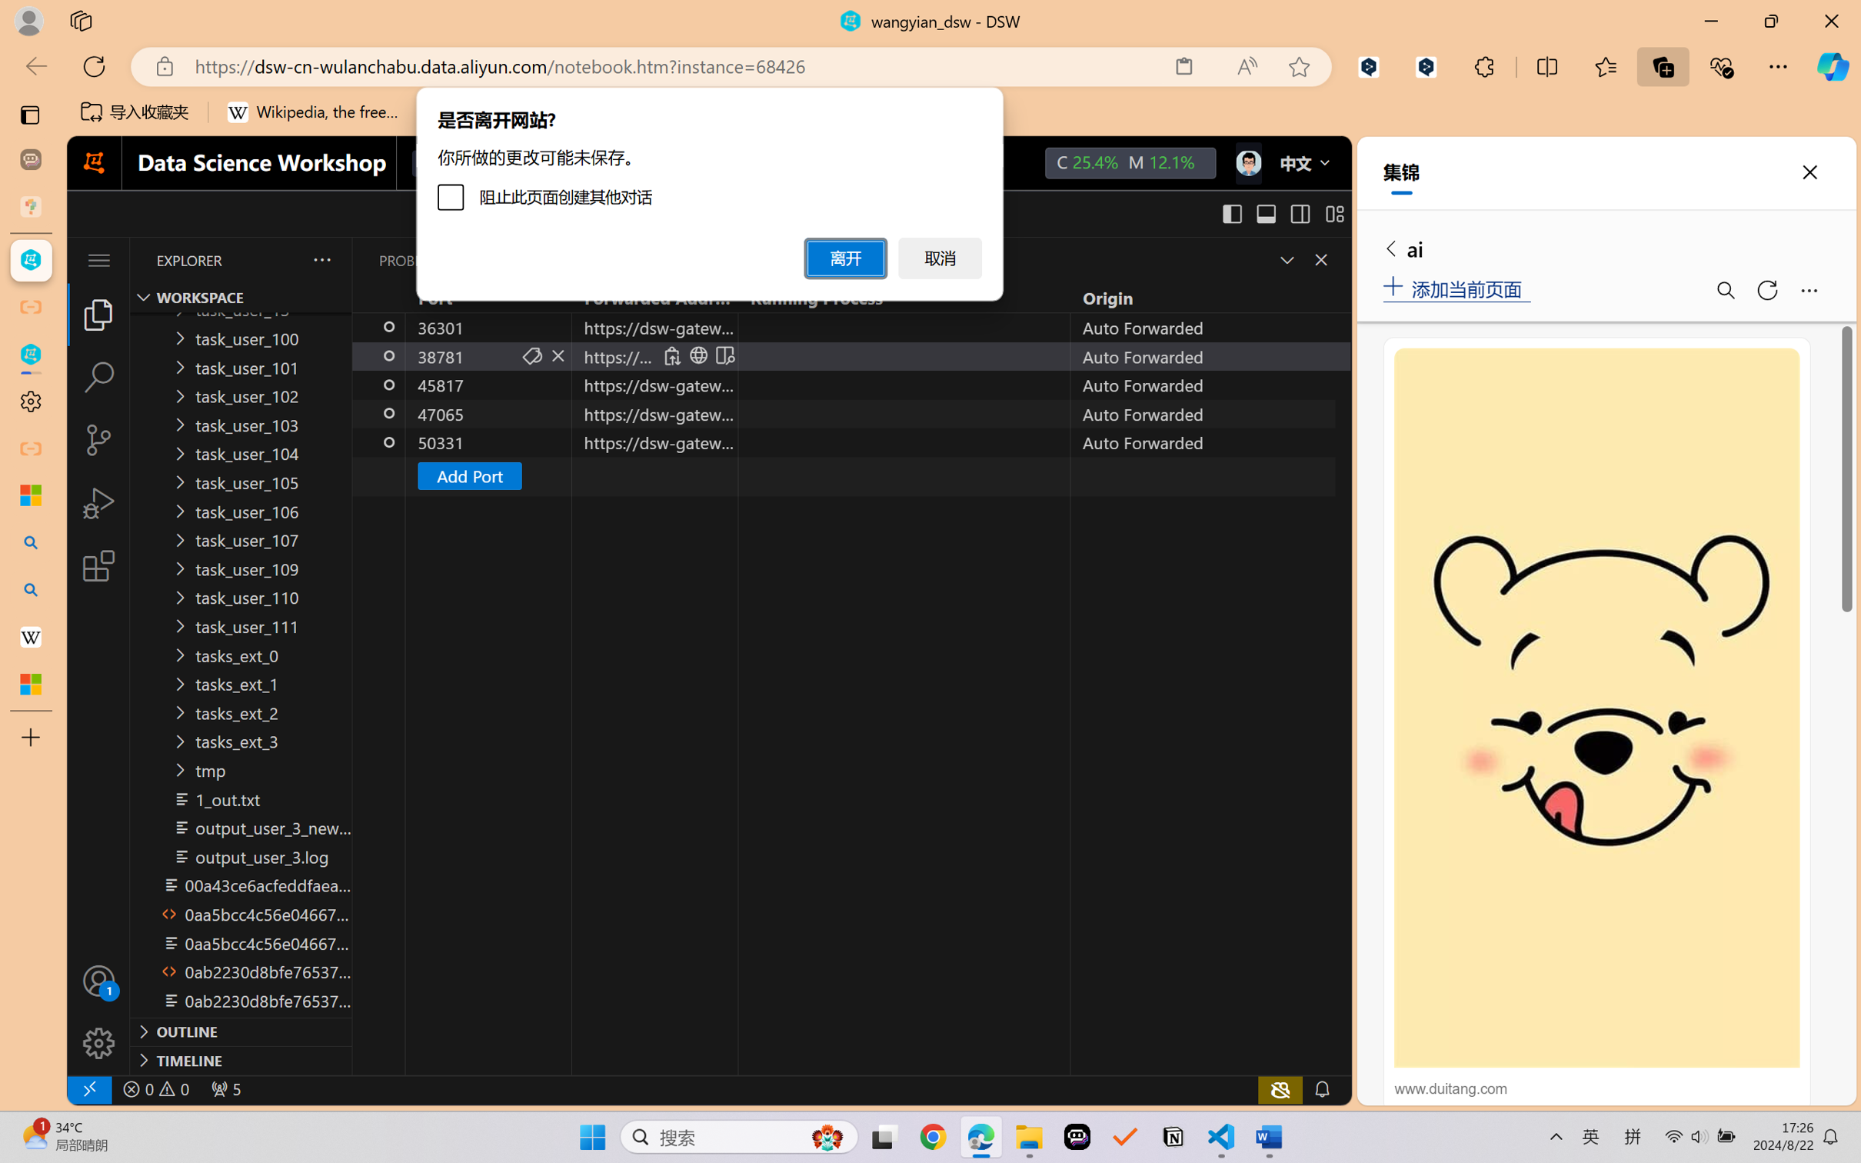 This screenshot has height=1163, width=1861. I want to click on 'Title actions', so click(1283, 213).